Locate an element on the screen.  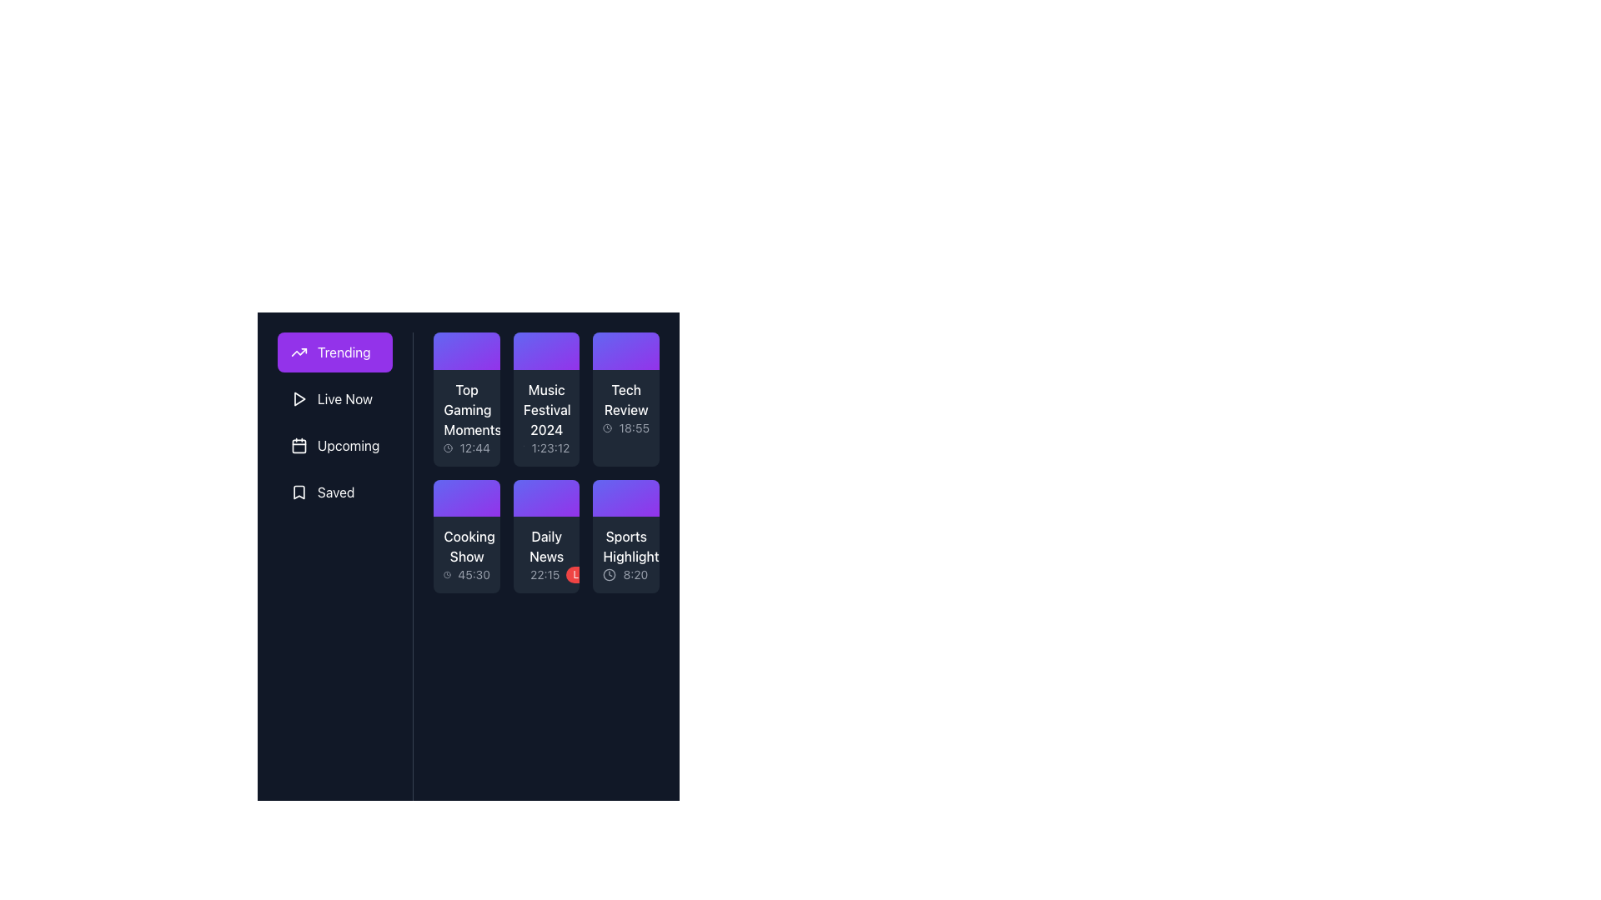
the Decorative background element within the 'Tech Review' card, which features a gradient from indigo to purple and is located in the third column of the top row in a grid layout is located at coordinates (625, 350).